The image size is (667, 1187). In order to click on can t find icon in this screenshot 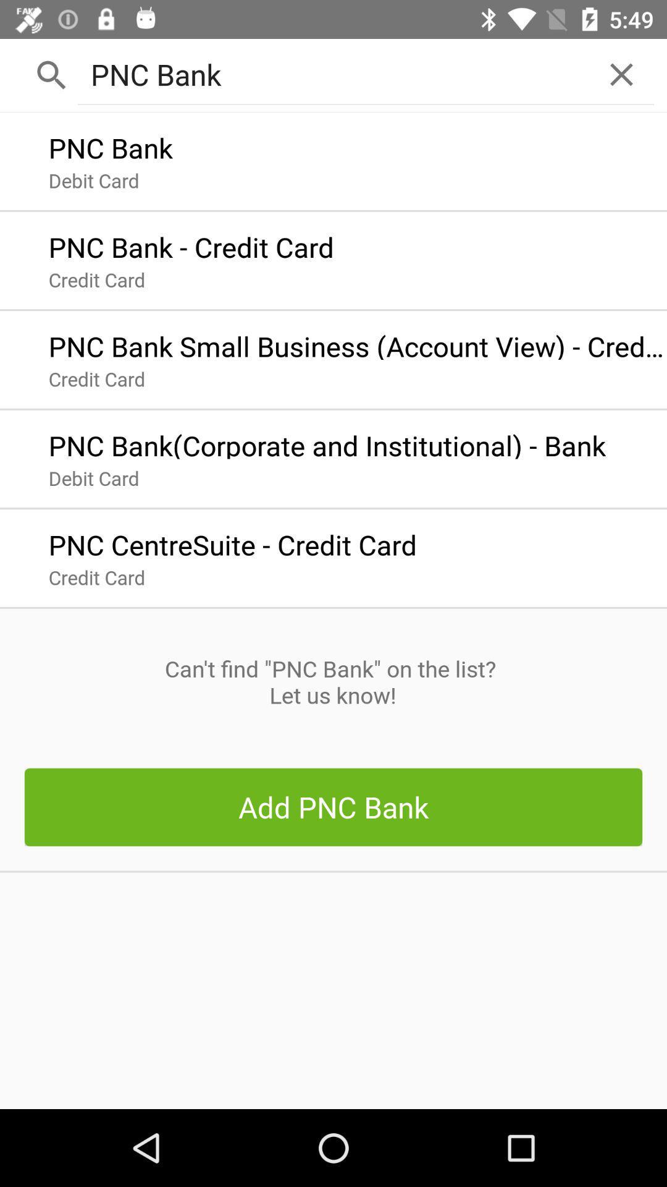, I will do `click(332, 681)`.